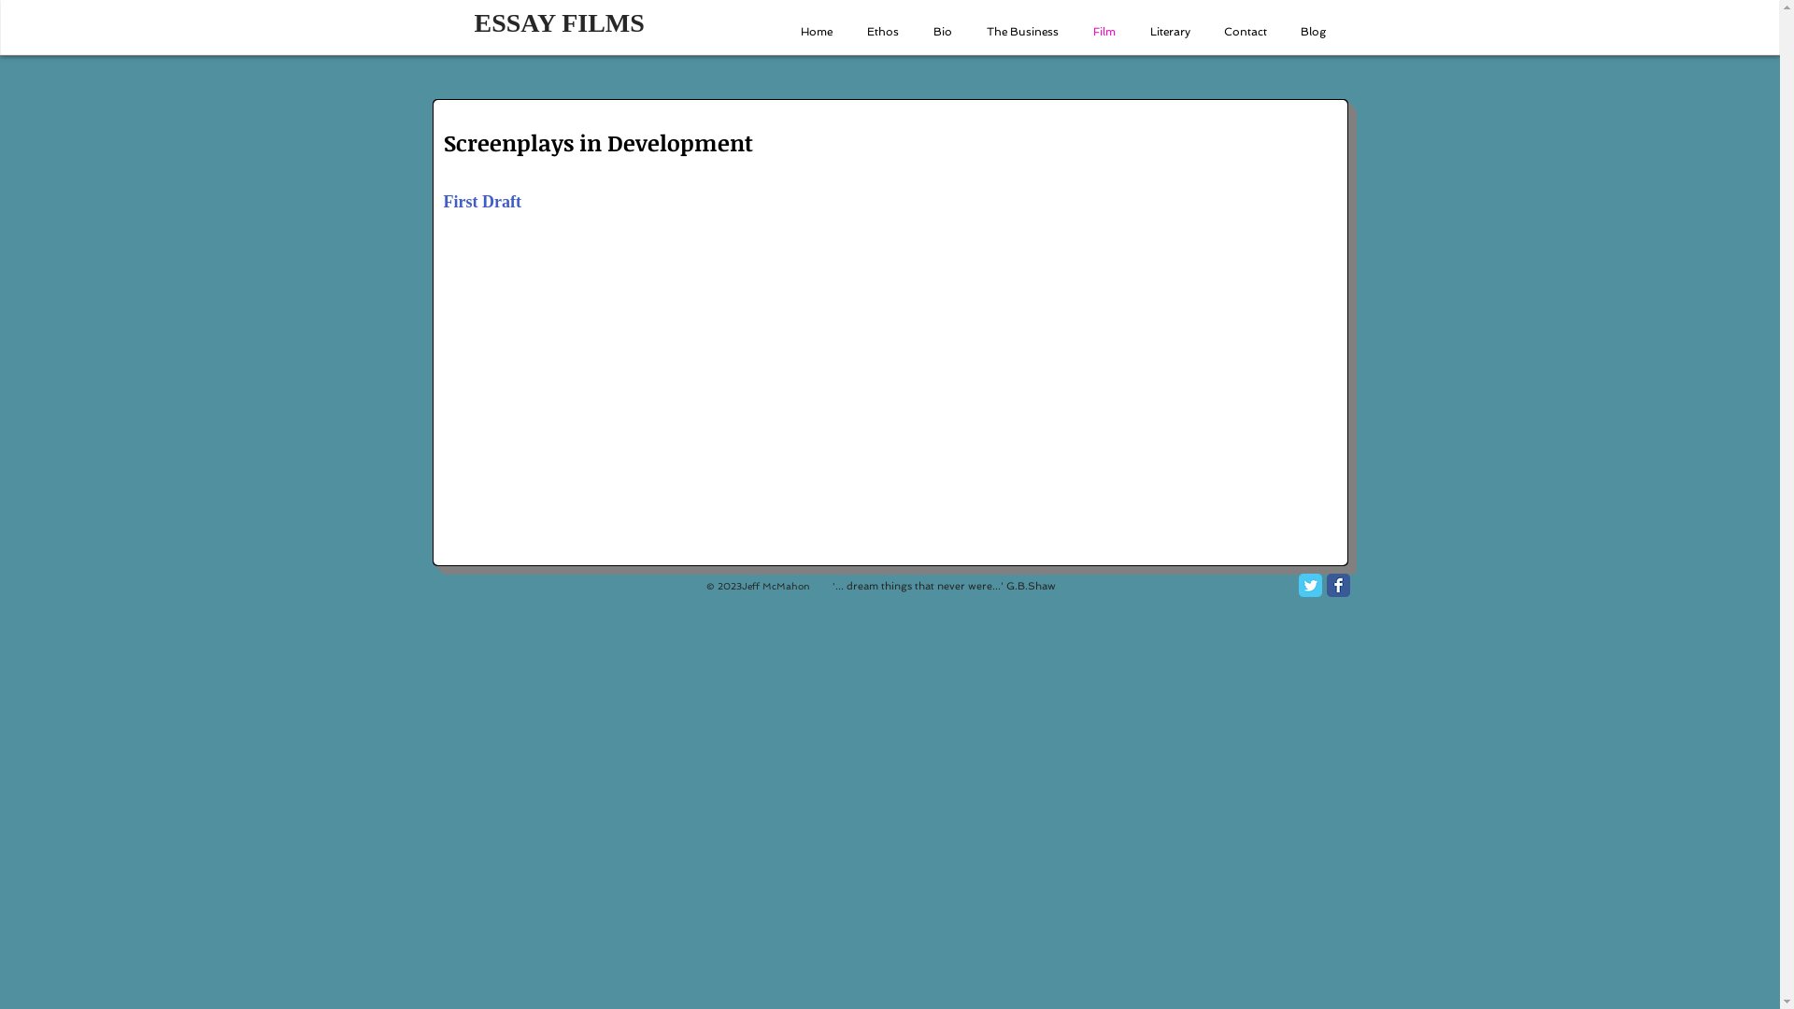 The height and width of the screenshot is (1009, 1794). What do you see at coordinates (1166, 32) in the screenshot?
I see `'Literary'` at bounding box center [1166, 32].